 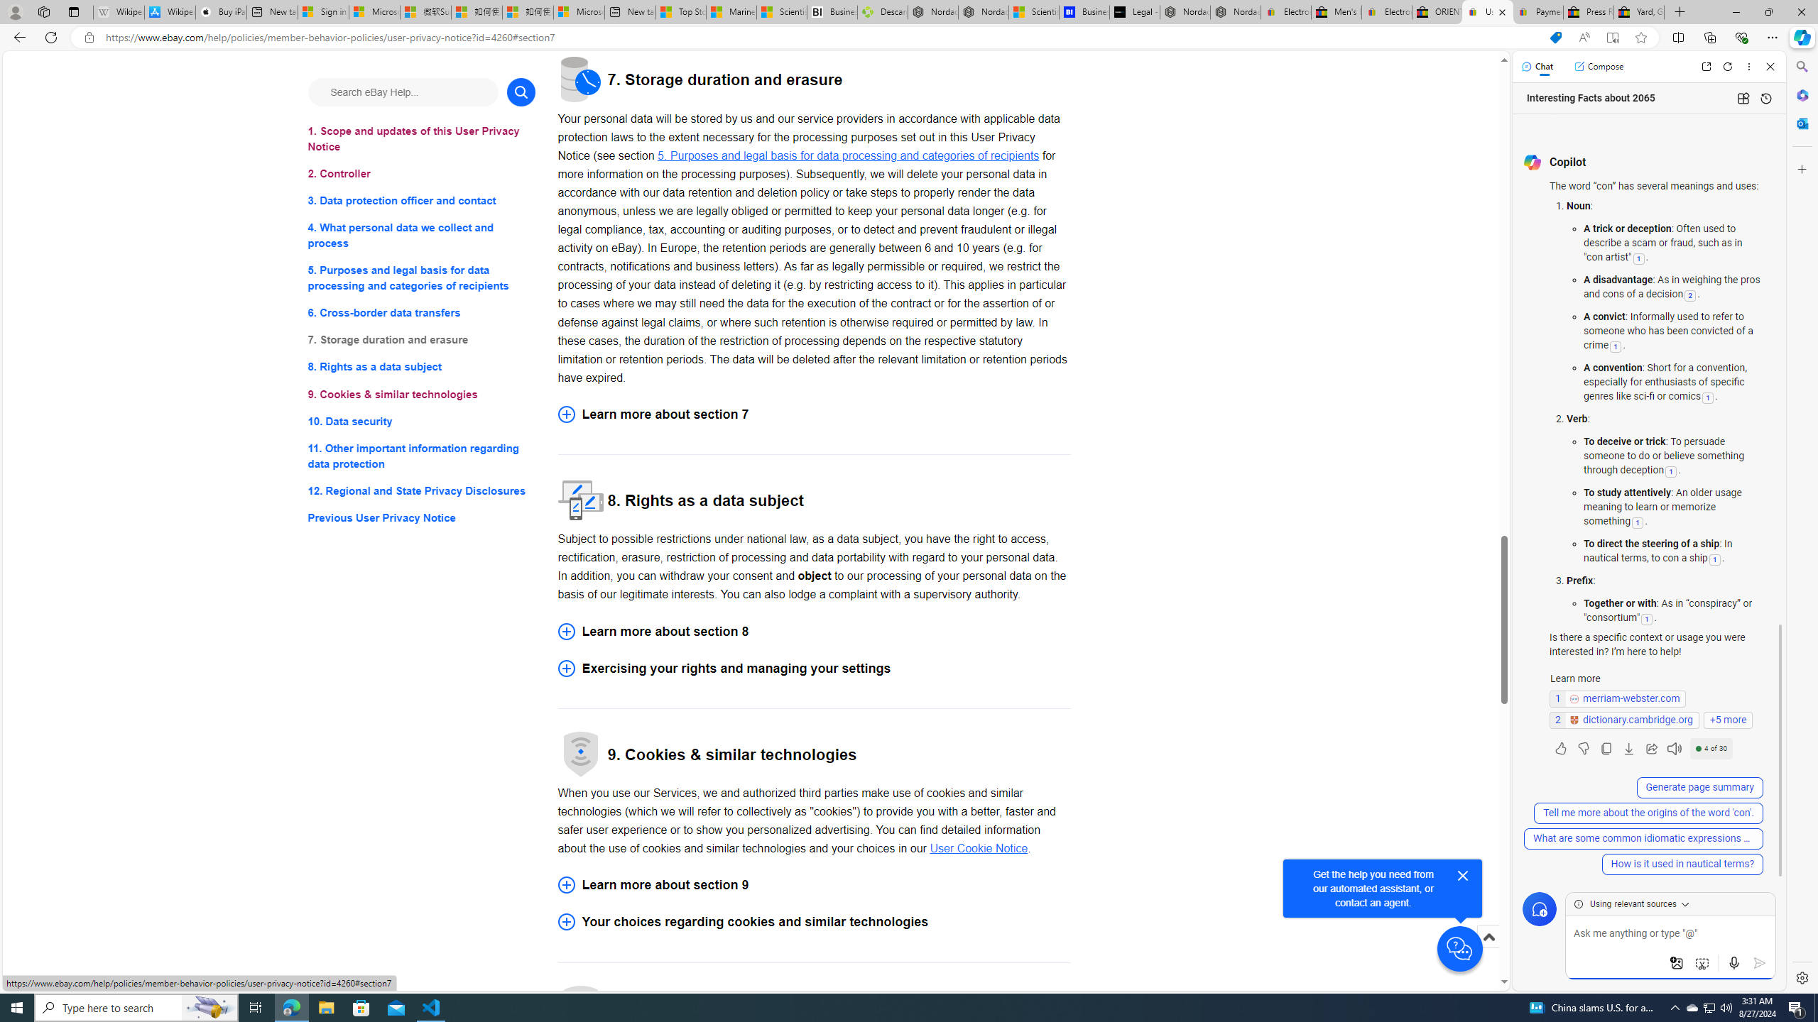 What do you see at coordinates (1185, 11) in the screenshot?
I see `'Nordace - Summer Adventures 2024'` at bounding box center [1185, 11].